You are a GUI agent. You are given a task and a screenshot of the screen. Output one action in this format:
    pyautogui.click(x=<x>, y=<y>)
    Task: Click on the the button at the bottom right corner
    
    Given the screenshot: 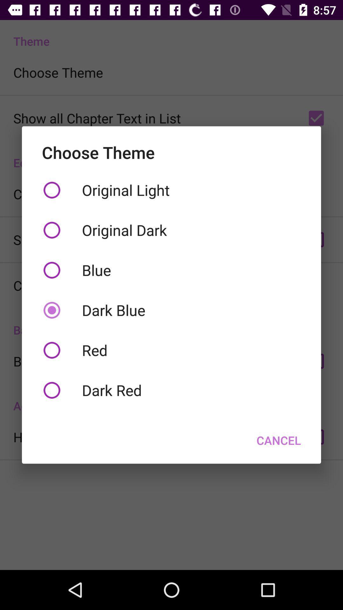 What is the action you would take?
    pyautogui.click(x=278, y=440)
    